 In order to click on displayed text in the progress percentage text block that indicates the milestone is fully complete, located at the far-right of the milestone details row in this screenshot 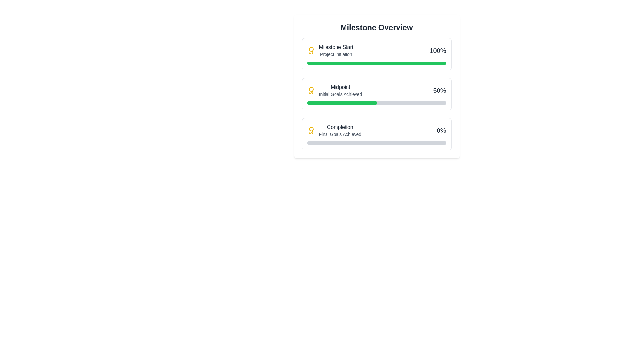, I will do `click(438, 50)`.